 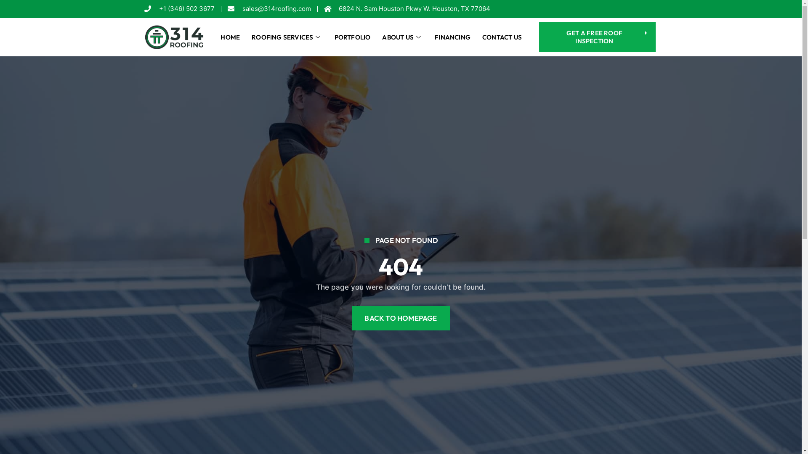 What do you see at coordinates (178, 9) in the screenshot?
I see `'+1 (346) 502 3677'` at bounding box center [178, 9].